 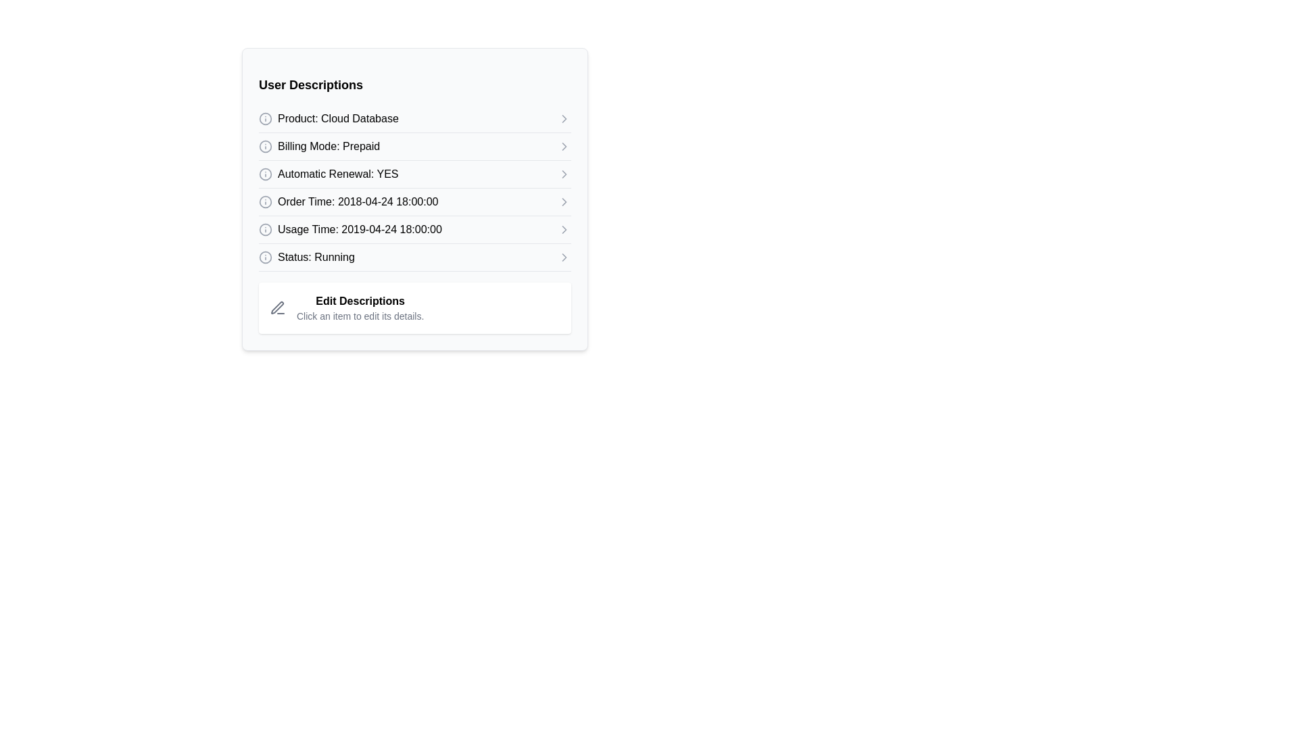 I want to click on the chevron-right icon located at the right end of the 'Billing Mode: Prepaid' row, so click(x=564, y=146).